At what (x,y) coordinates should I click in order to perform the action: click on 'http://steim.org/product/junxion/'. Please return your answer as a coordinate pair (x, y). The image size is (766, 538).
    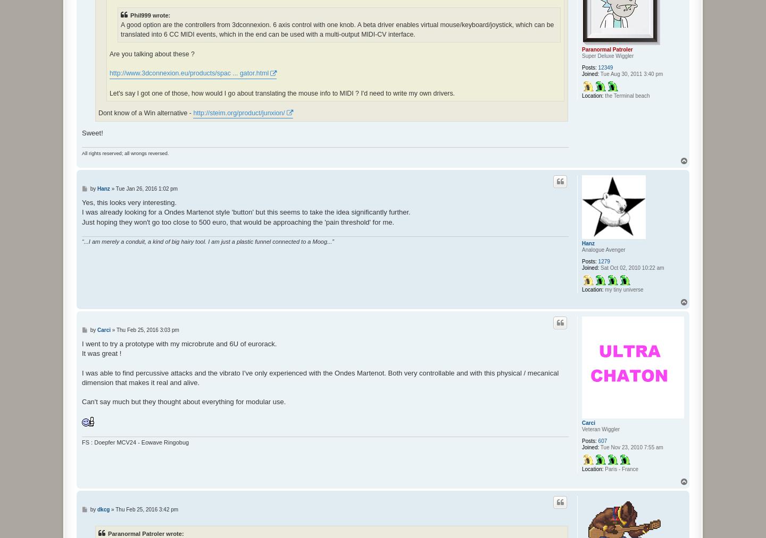
    Looking at the image, I should click on (238, 112).